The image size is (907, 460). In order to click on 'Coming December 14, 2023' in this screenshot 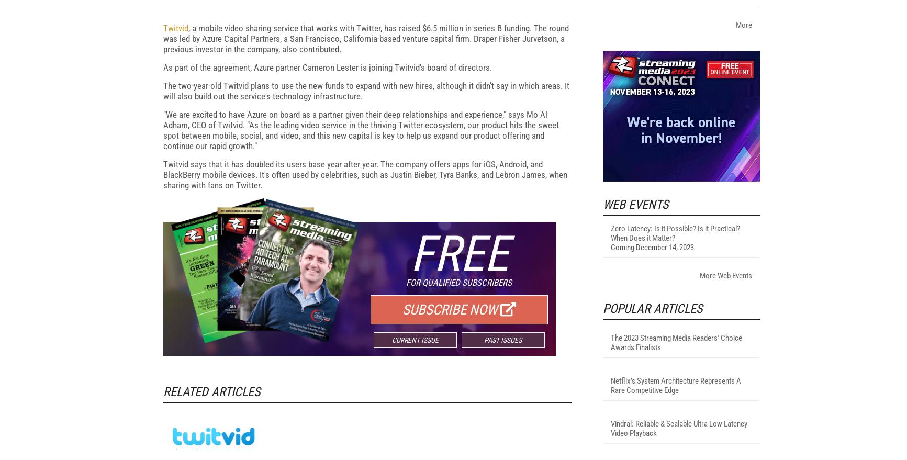, I will do `click(610, 383)`.